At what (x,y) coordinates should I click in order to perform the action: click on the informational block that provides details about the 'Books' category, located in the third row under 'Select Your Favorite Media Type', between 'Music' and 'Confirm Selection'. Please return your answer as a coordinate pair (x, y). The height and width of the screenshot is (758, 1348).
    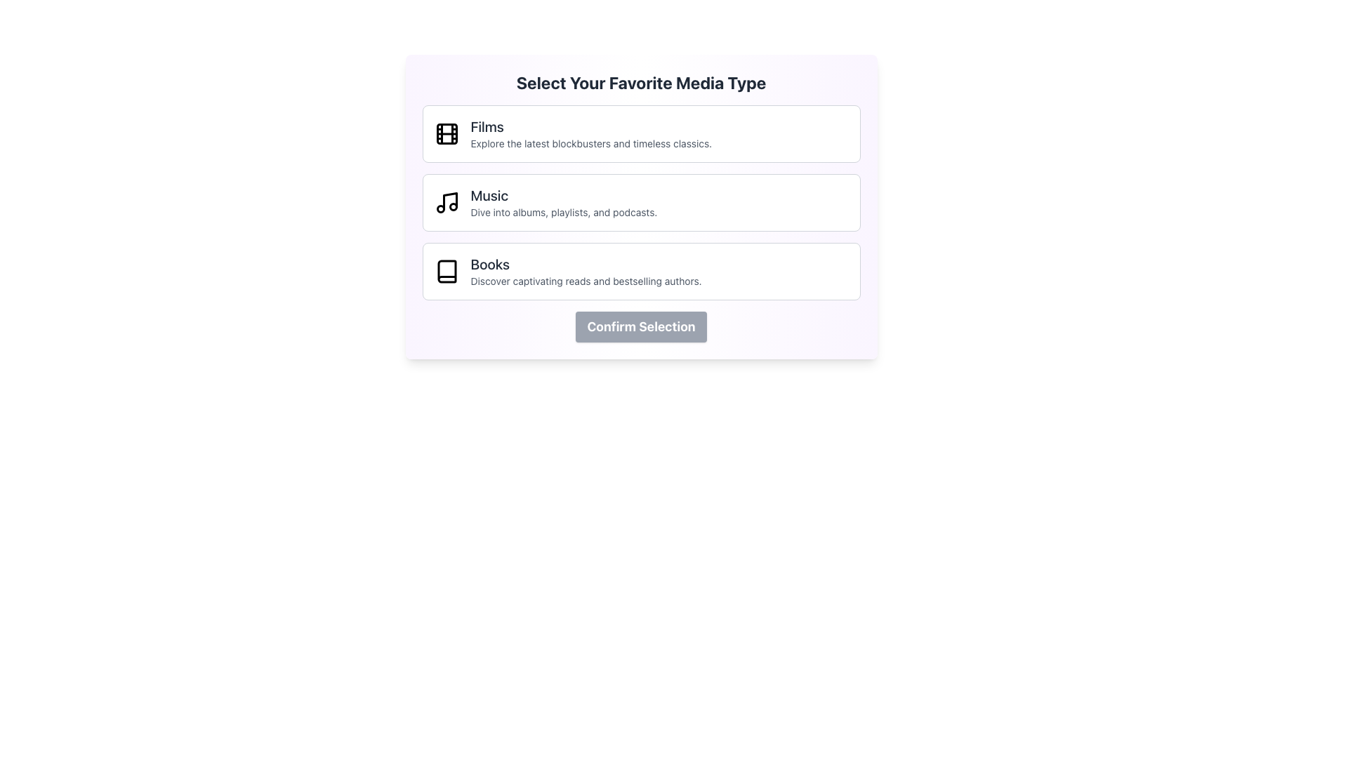
    Looking at the image, I should click on (586, 271).